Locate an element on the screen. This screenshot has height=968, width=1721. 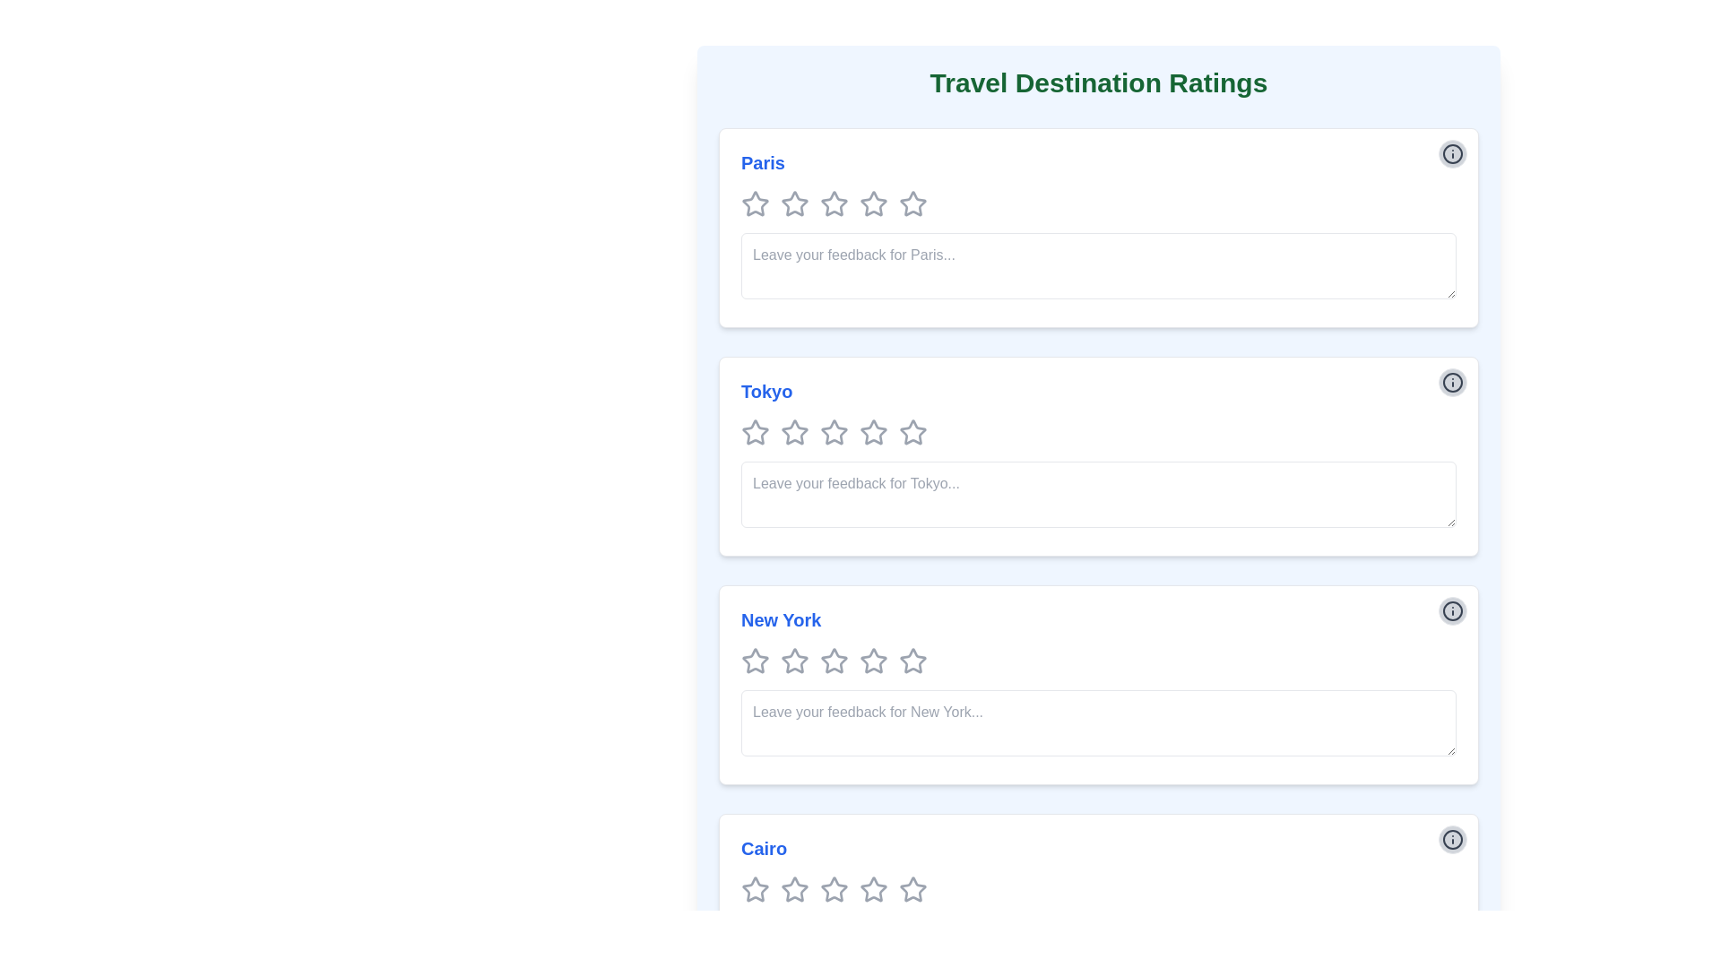
the second gray outlined star icon in the 'Travel Destination Ratings' section under the 'New York' heading is located at coordinates (794, 661).